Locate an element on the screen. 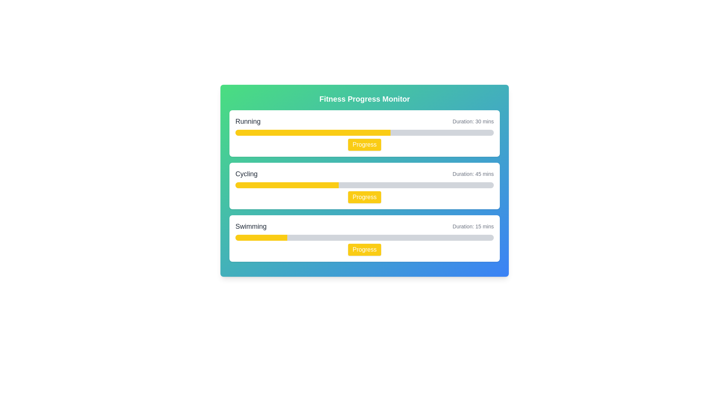 The width and height of the screenshot is (721, 405). the progress bar indicating 60% completion of the 'Running' activity, located below 'Running: Duration: 30 mins' and above the yellow 'Progress' button is located at coordinates (364, 132).